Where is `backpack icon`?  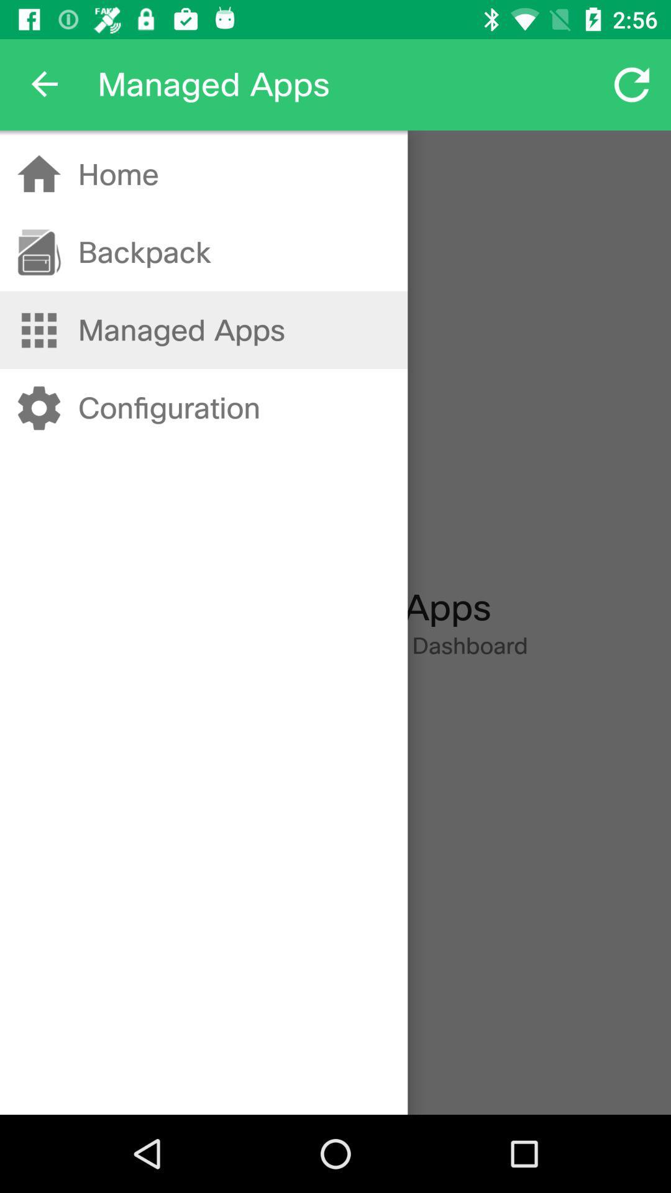 backpack icon is located at coordinates (144, 252).